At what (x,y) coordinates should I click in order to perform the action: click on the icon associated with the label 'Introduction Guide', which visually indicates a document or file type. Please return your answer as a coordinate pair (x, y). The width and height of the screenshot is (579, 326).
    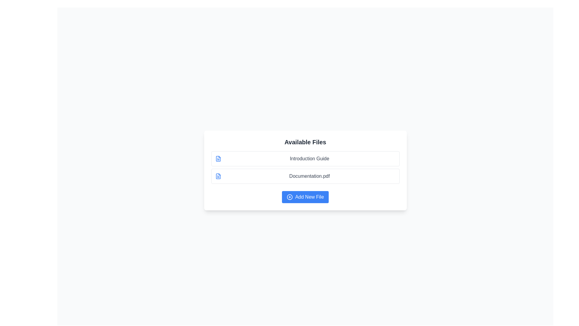
    Looking at the image, I should click on (218, 158).